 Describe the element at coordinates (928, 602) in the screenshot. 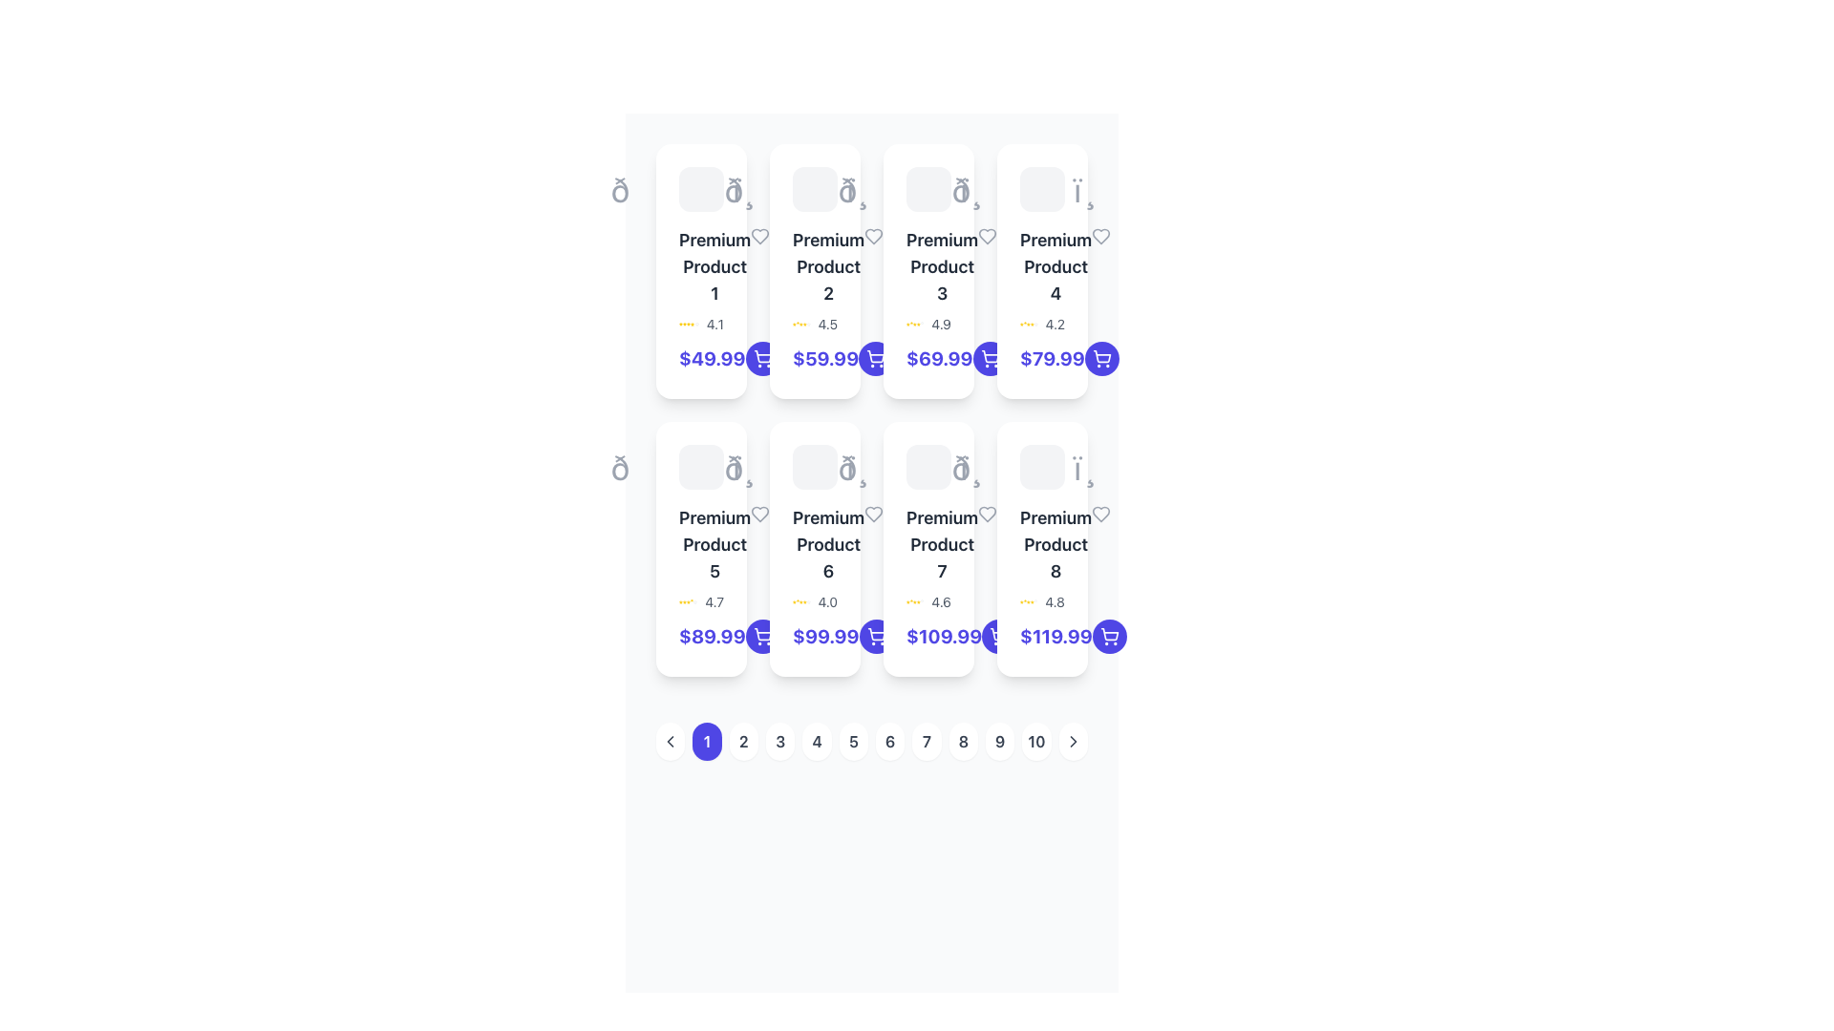

I see `rating value displayed in the Rating Display for 'Premium Product 7', which shows the star rating and numeric score indicating the product's quality` at that location.